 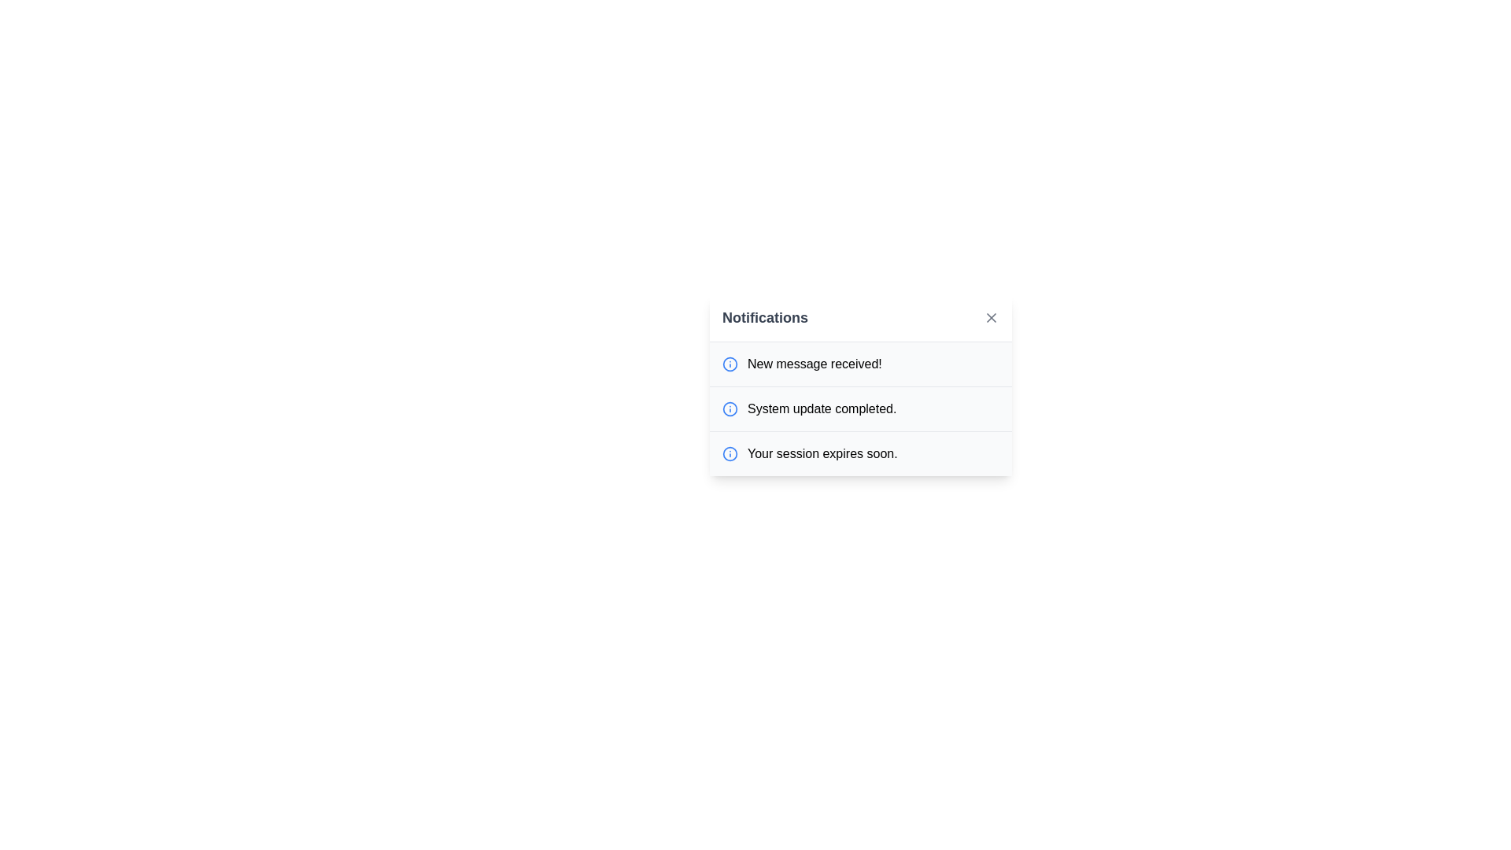 I want to click on text content of the notification label that displays 'New message received!' located to the right of the information icon in the notification panel, so click(x=815, y=364).